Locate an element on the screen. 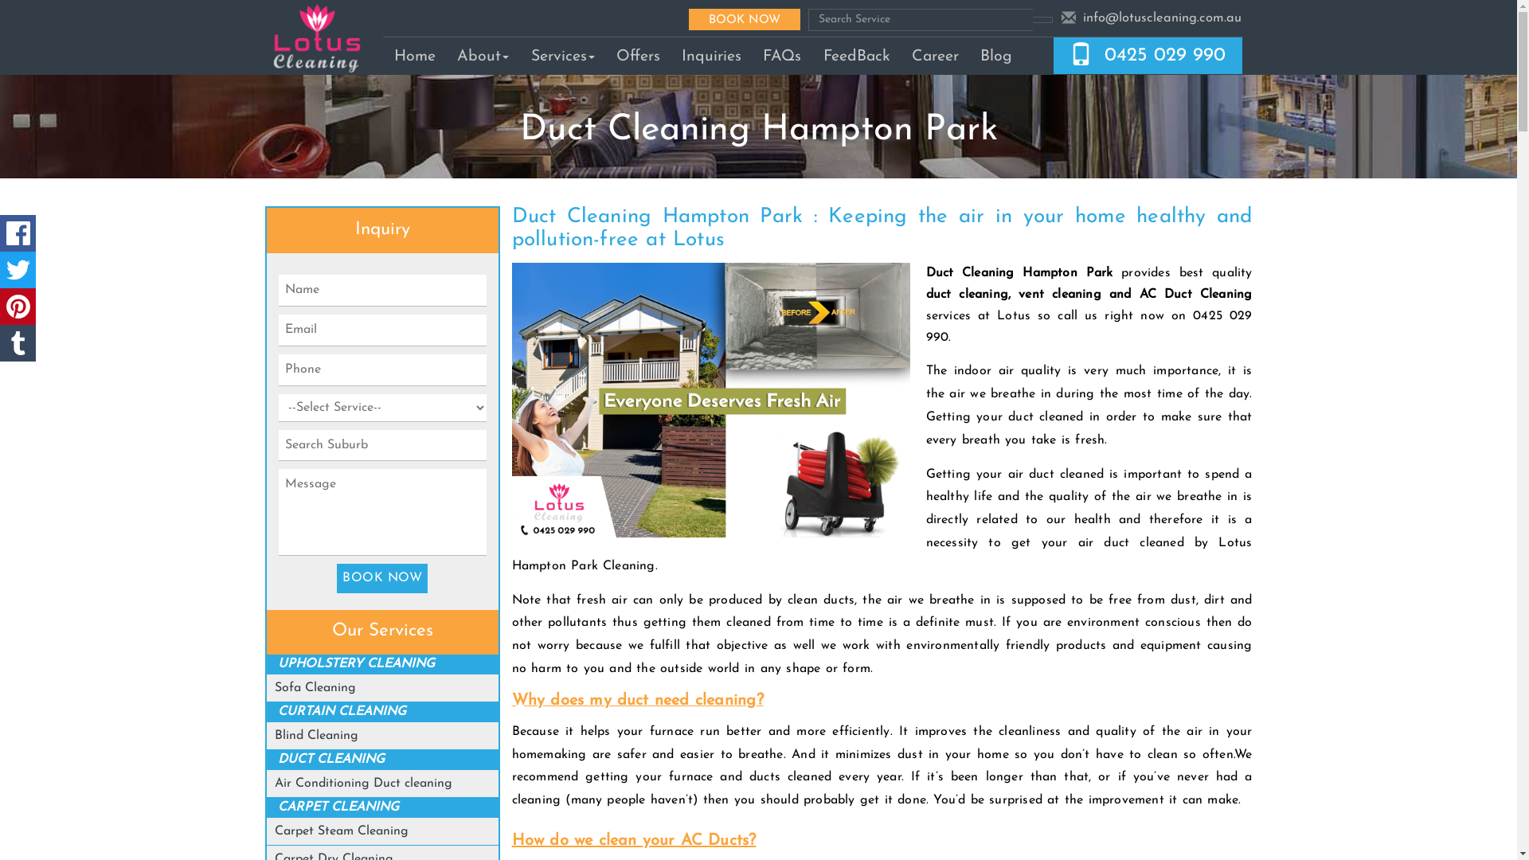 This screenshot has width=1529, height=860. 'Carpet Steam Cleaning' is located at coordinates (340, 831).